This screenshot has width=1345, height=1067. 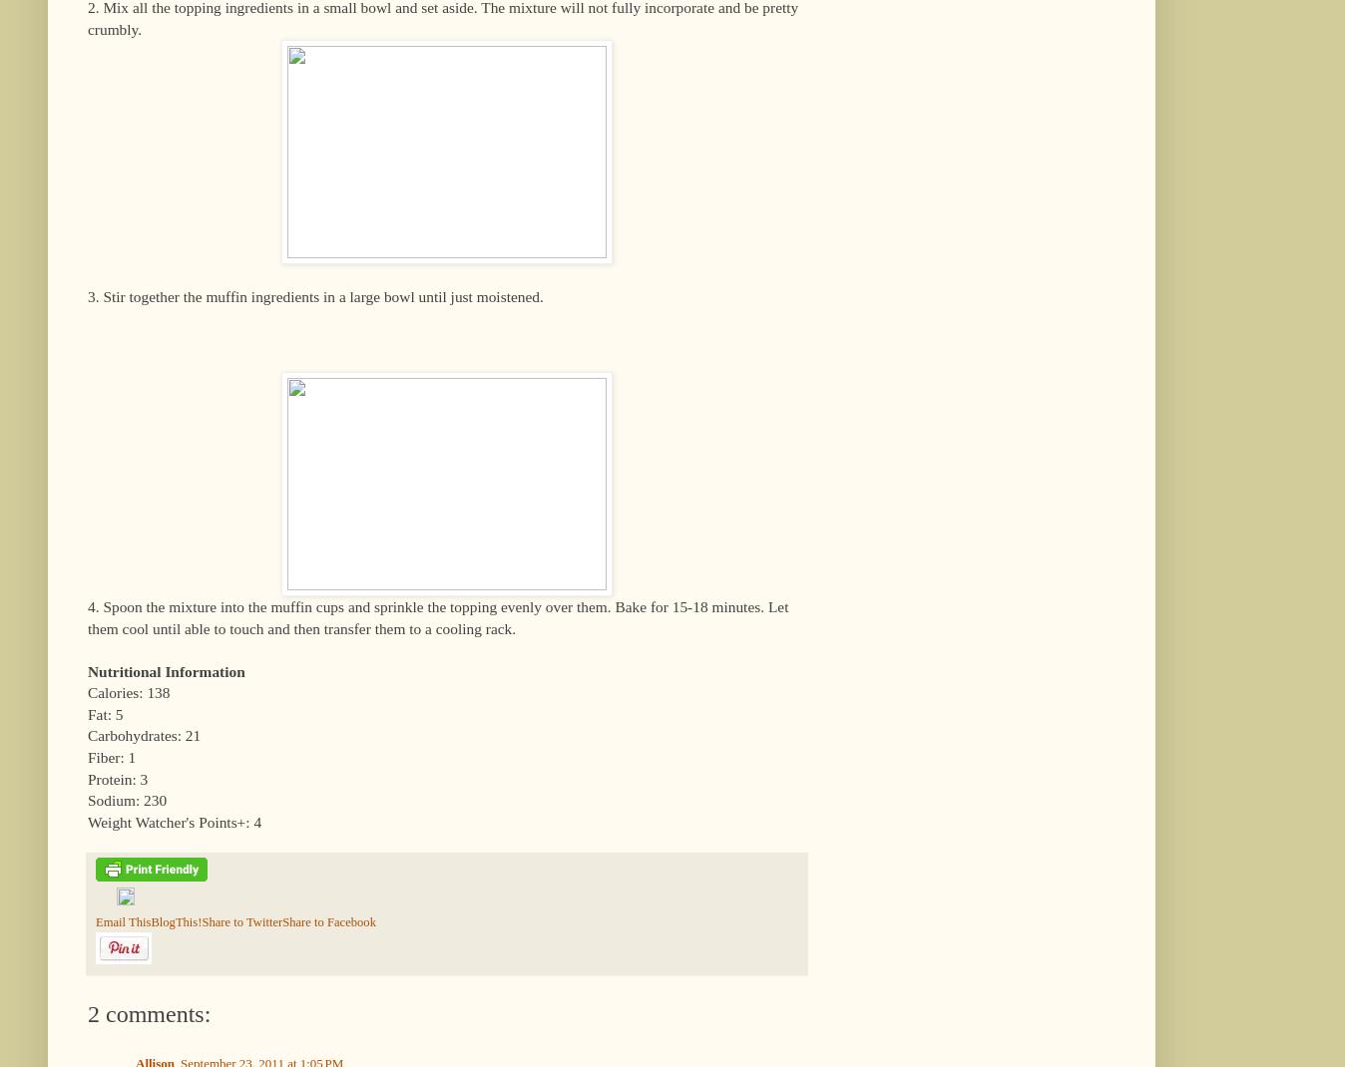 I want to click on 'Weight Watcher's Points+: 4', so click(x=87, y=821).